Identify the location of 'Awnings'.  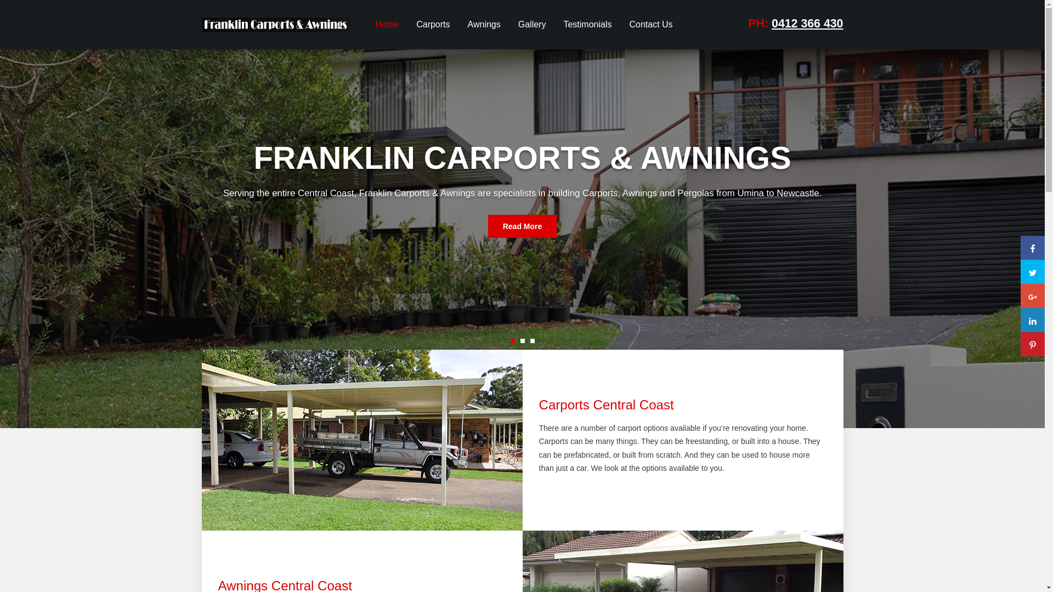
(484, 25).